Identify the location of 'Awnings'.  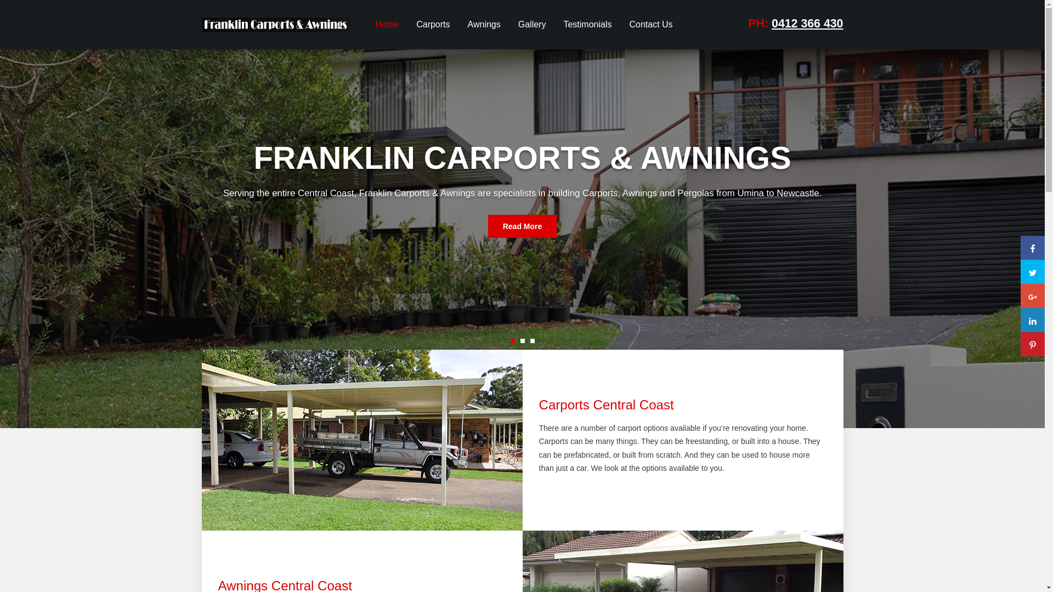
(484, 25).